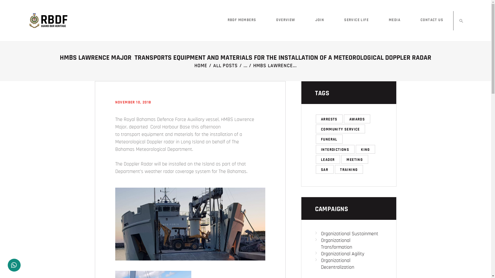 The image size is (495, 278). What do you see at coordinates (337, 264) in the screenshot?
I see `'Organizational Decentralization'` at bounding box center [337, 264].